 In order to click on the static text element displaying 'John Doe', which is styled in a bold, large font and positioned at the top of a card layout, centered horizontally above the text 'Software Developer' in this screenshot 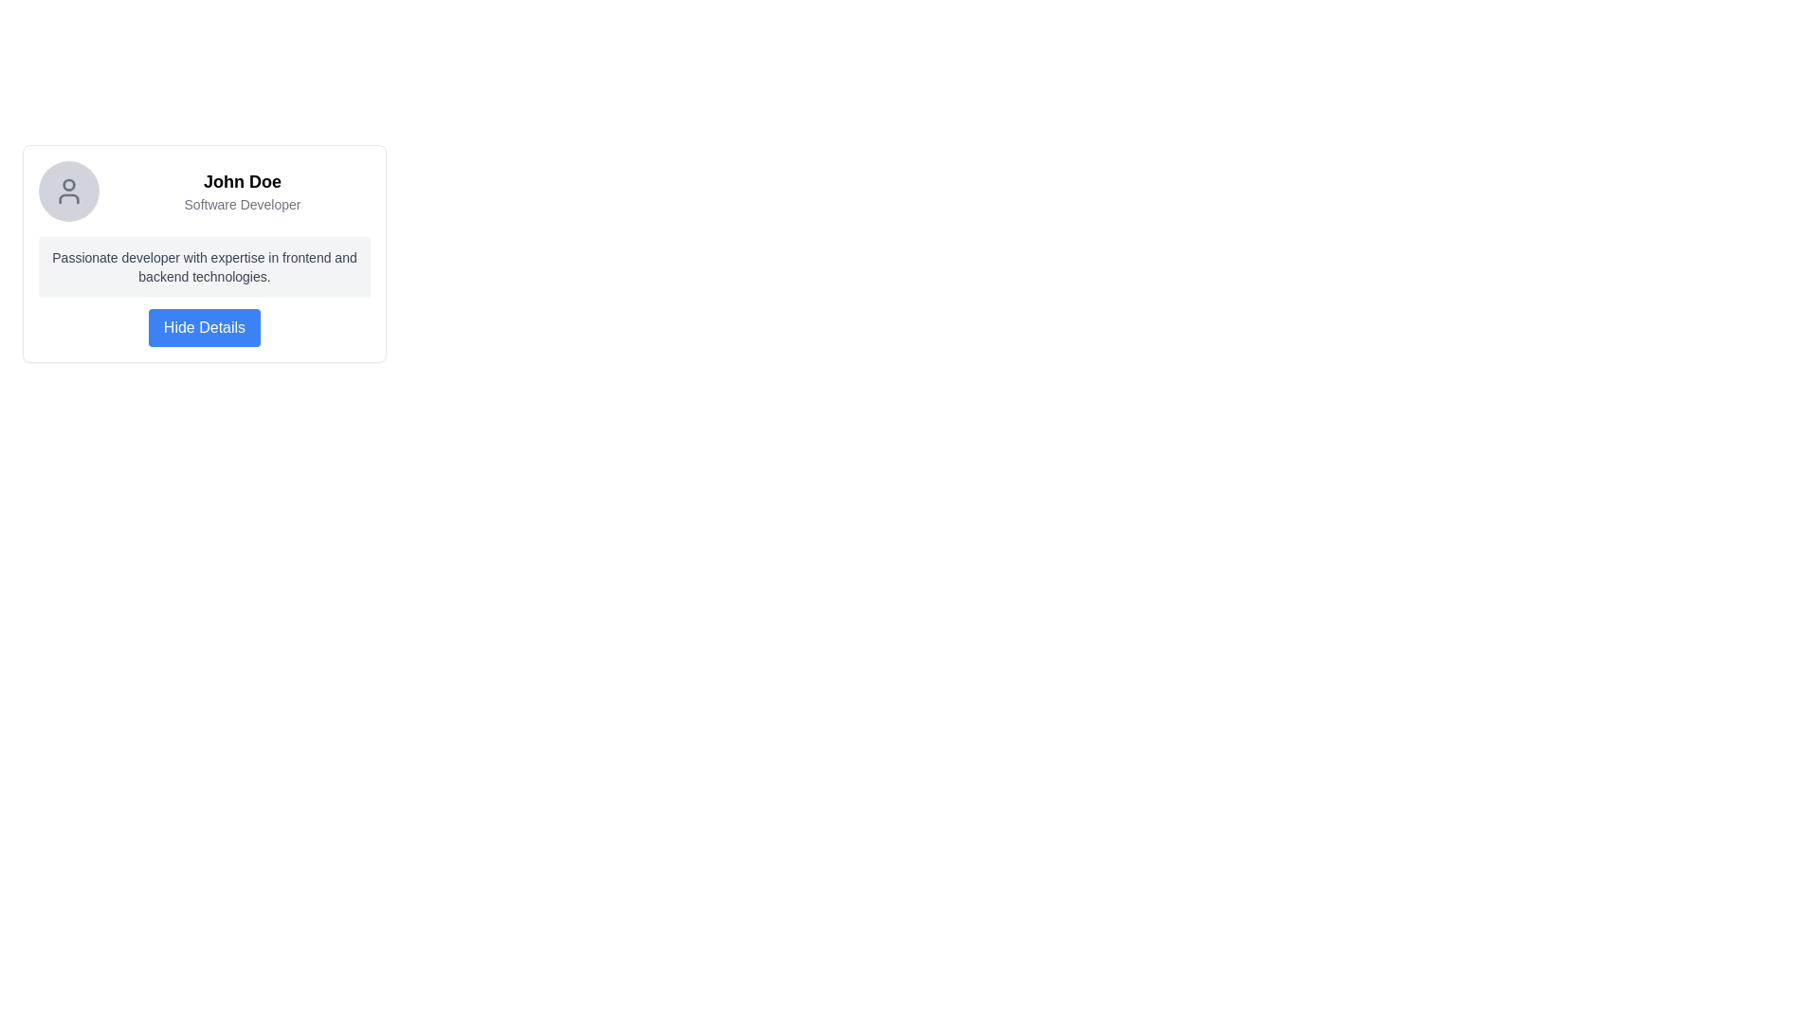, I will do `click(241, 182)`.